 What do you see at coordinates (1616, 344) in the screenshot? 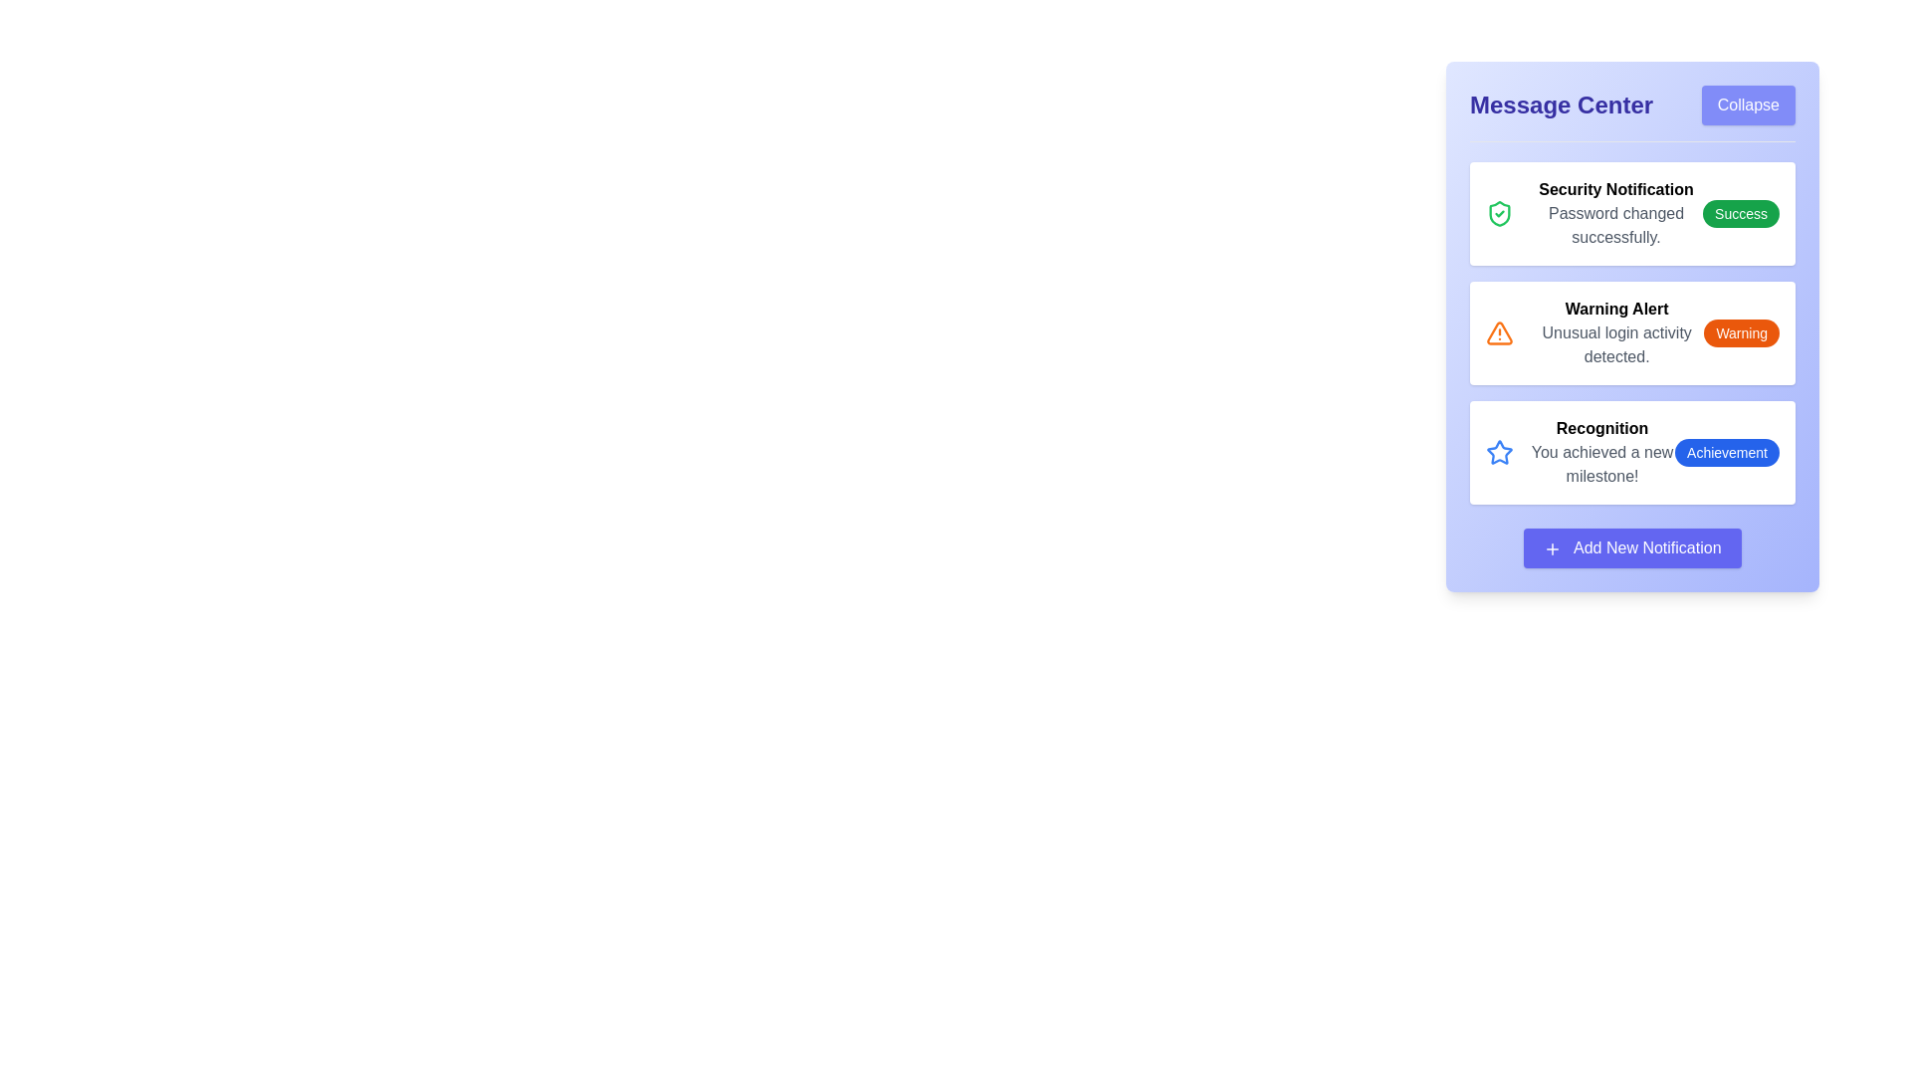
I see `warning message in the 'Message Center' section, specifically from the second notification titled 'Warning Alert'` at bounding box center [1616, 344].